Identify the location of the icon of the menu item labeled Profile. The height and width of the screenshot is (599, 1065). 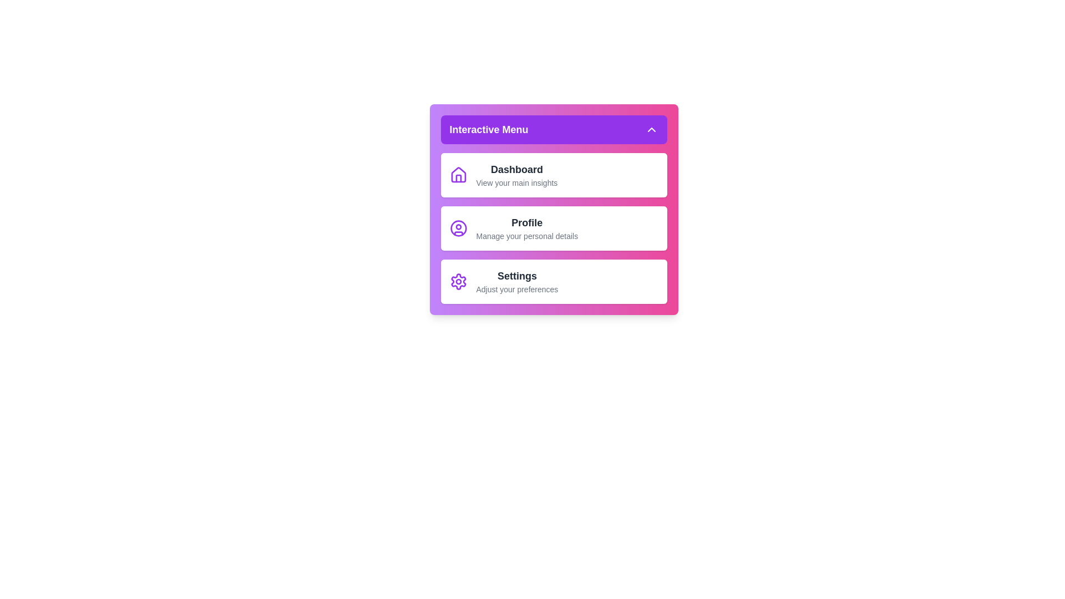
(458, 228).